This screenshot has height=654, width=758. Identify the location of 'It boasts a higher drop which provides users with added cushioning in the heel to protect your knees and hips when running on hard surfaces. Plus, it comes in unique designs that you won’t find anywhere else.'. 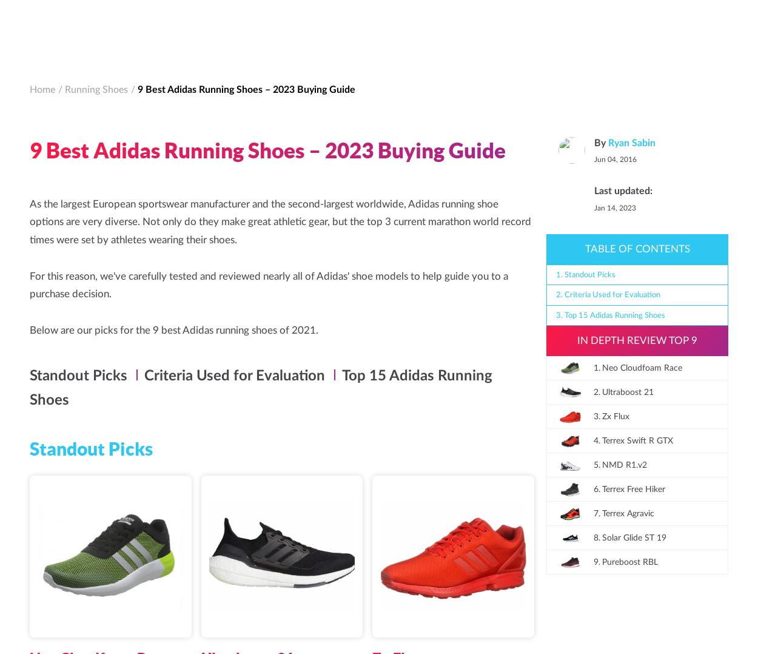
(276, 260).